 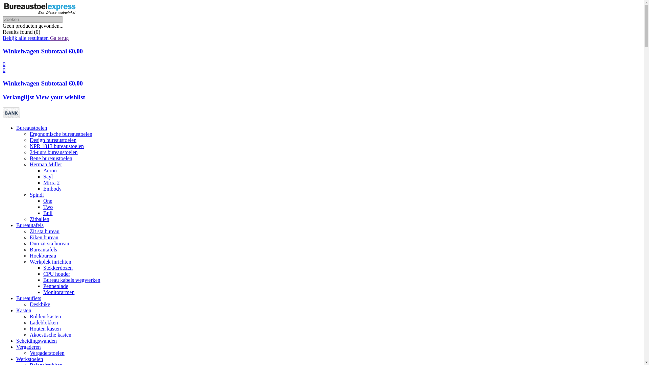 I want to click on 'CPU houder', so click(x=57, y=274).